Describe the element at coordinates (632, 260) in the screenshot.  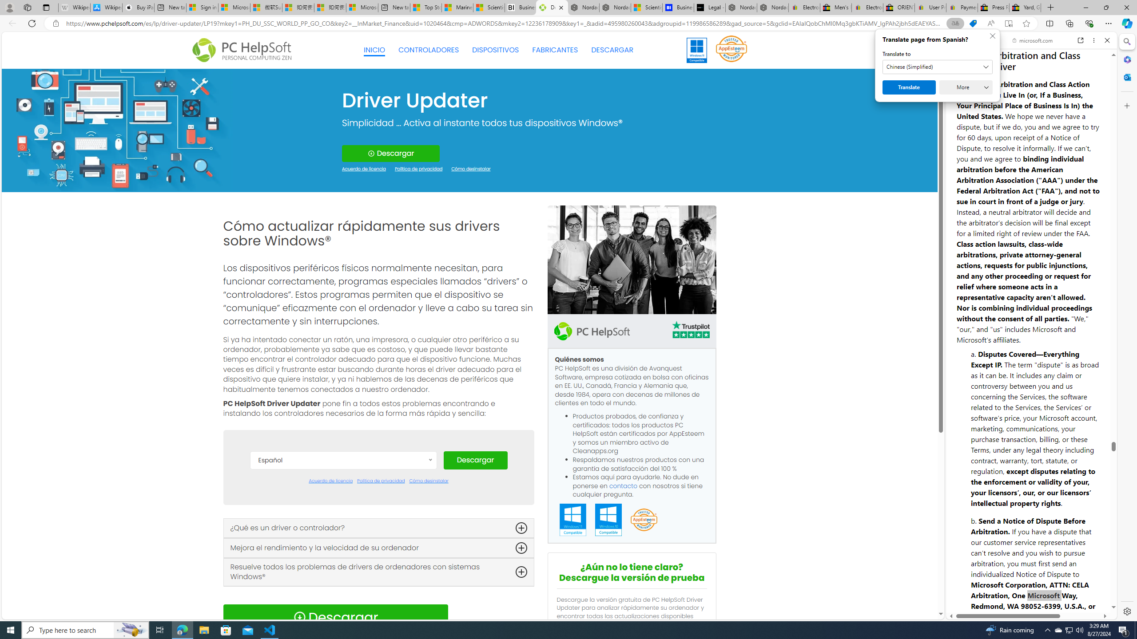
I see `'team'` at that location.